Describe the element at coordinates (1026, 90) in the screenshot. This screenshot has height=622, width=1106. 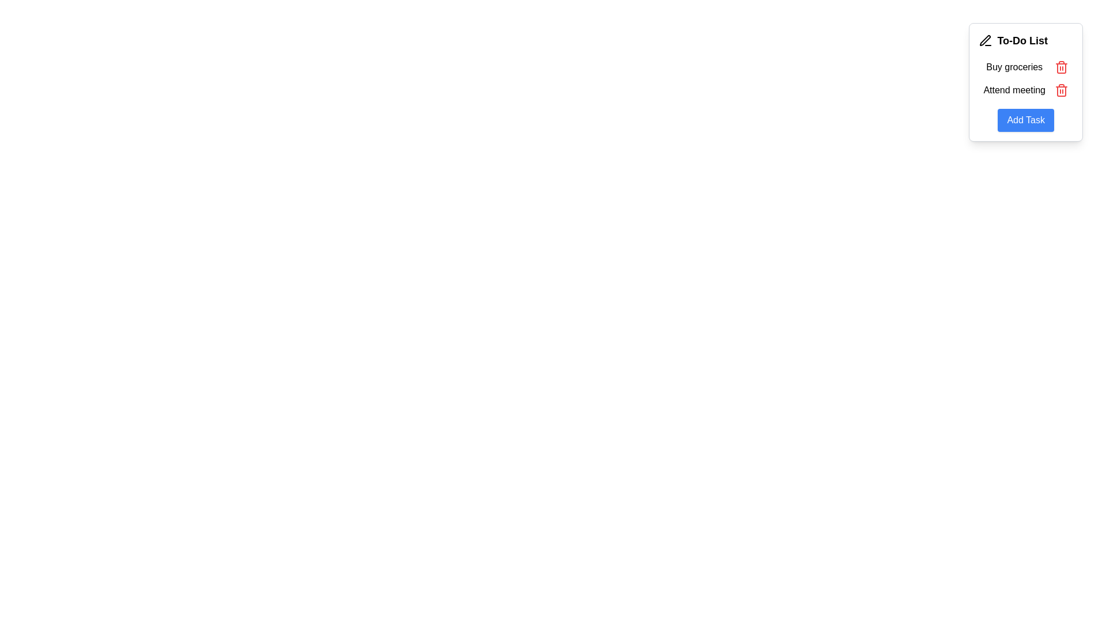
I see `the second item in the 'To-Do List' card, which contains a task description and a trash icon for removing the task` at that location.